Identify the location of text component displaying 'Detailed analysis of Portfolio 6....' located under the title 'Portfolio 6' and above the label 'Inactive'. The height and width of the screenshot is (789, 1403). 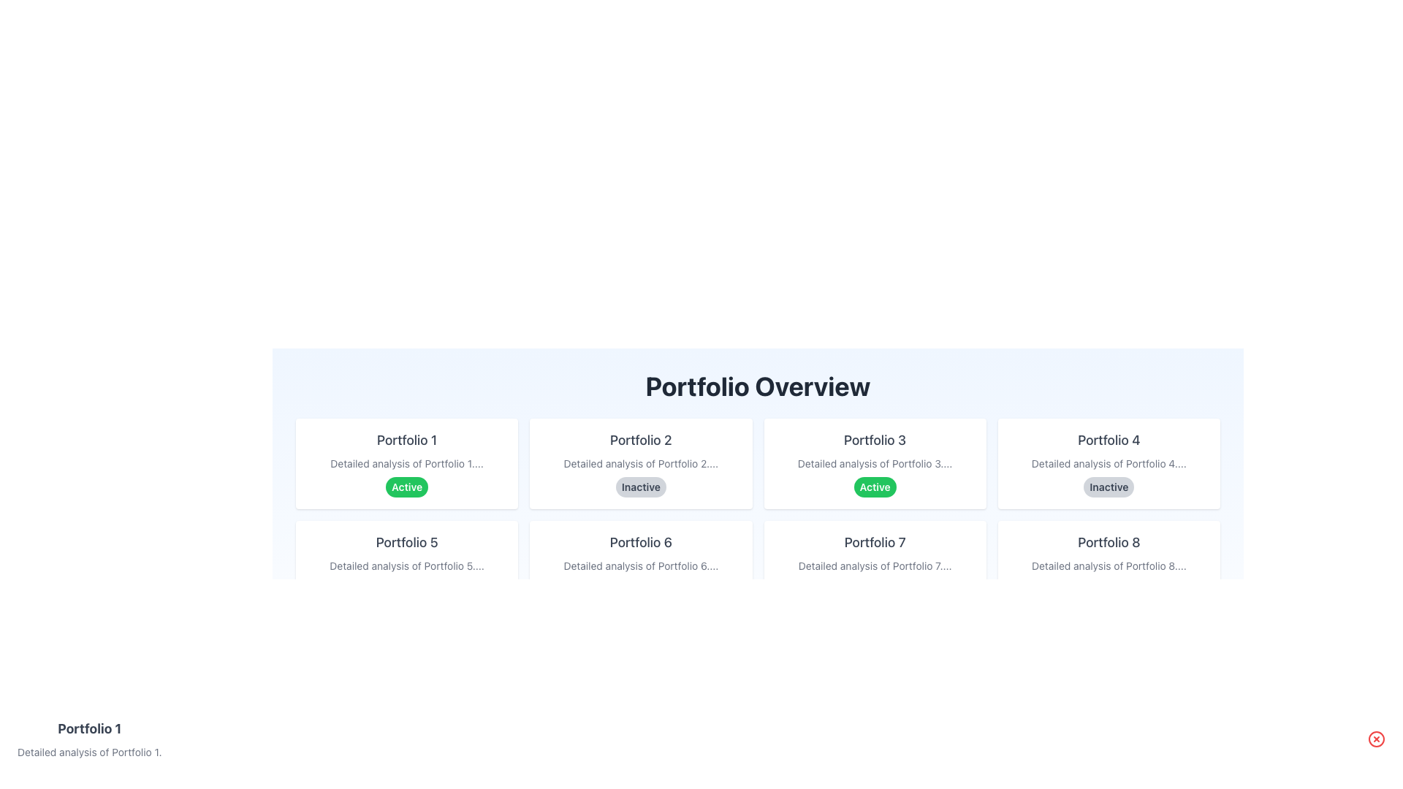
(641, 565).